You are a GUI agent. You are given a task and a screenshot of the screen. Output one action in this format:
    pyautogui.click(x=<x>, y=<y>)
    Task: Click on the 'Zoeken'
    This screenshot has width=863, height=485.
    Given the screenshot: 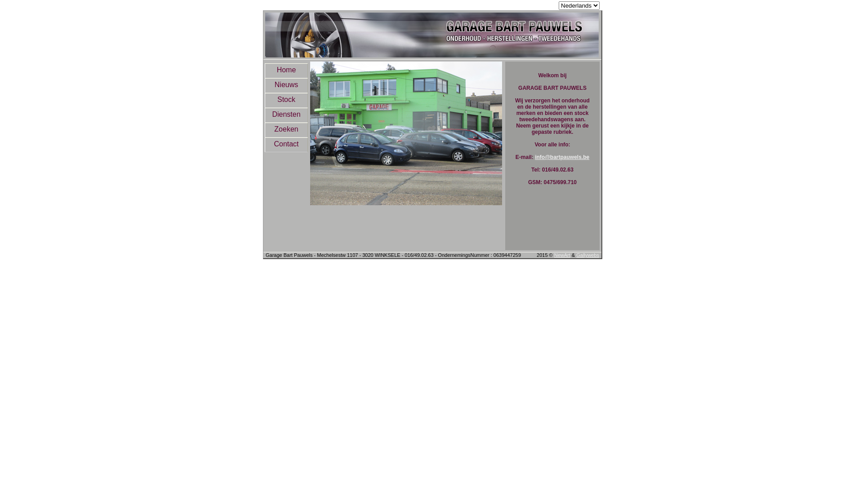 What is the action you would take?
    pyautogui.click(x=286, y=130)
    